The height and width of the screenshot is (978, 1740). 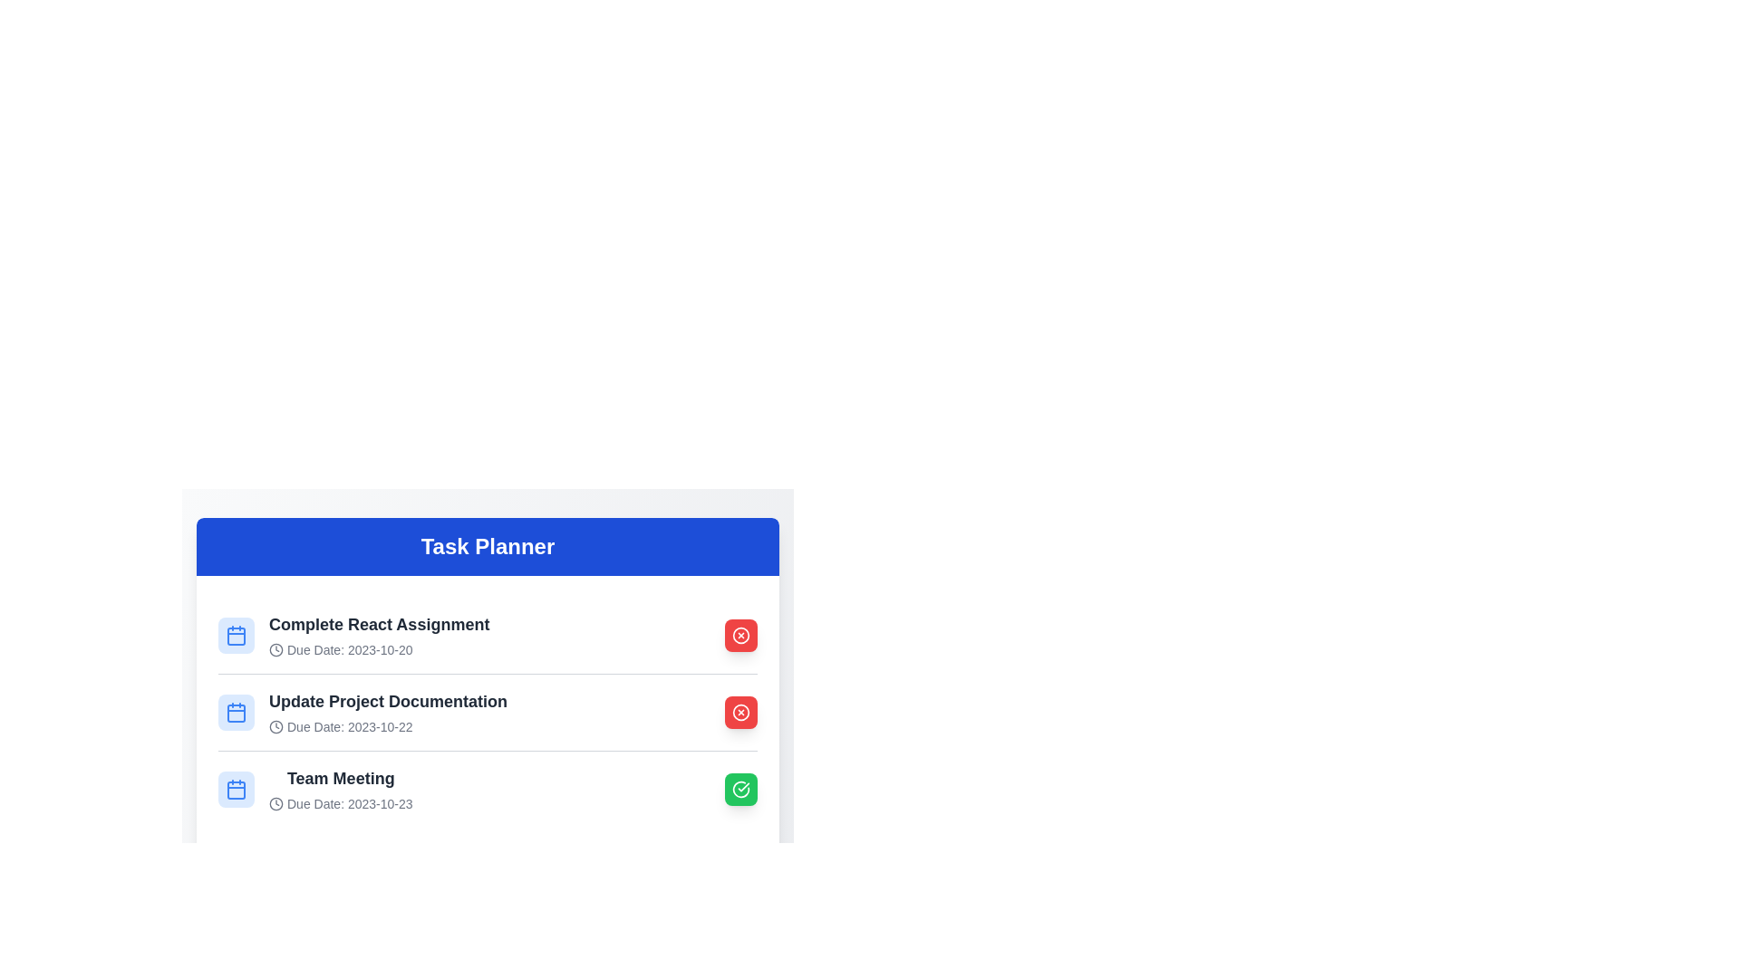 What do you see at coordinates (740, 788) in the screenshot?
I see `the circular green icon with a checkmark symbol in the 'Task Planner' section` at bounding box center [740, 788].